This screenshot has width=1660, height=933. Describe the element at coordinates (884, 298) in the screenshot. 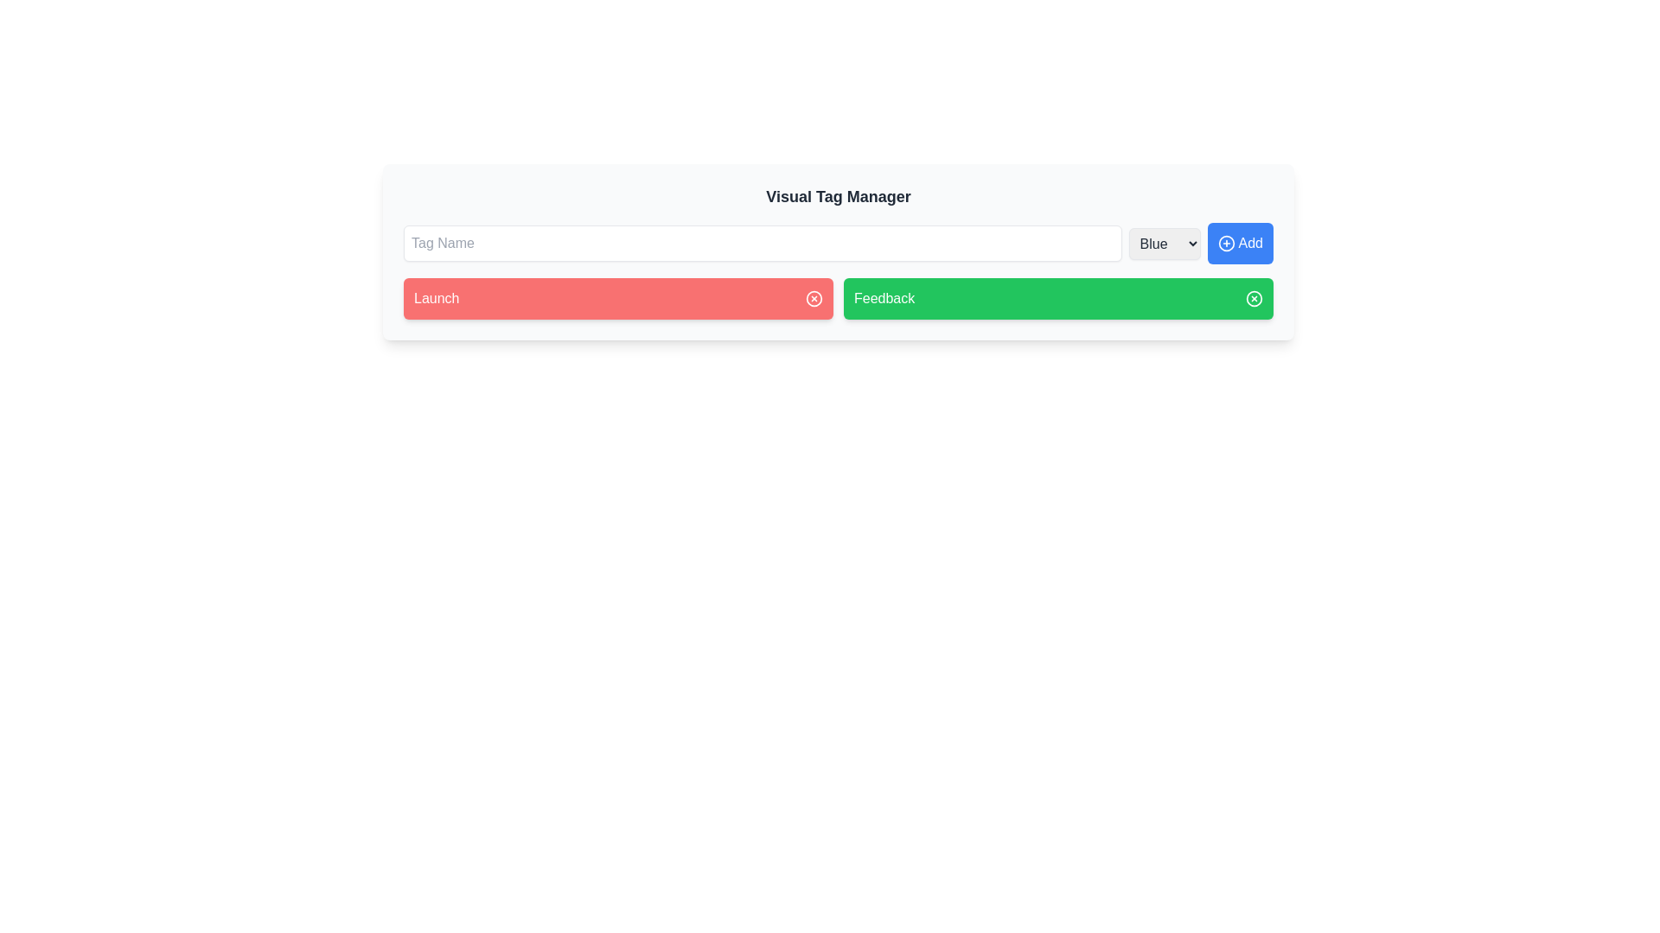

I see `the 'Feedback' label/button` at that location.